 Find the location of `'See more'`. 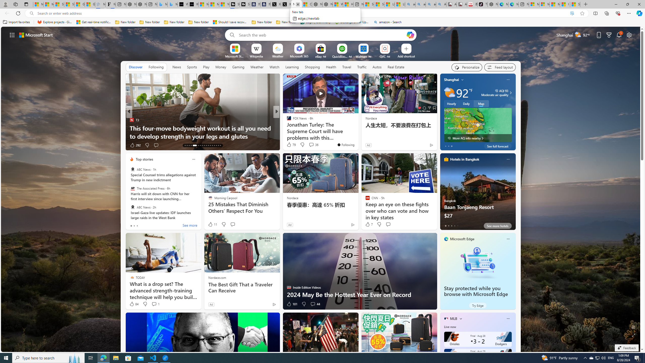

'See more' is located at coordinates (190, 226).